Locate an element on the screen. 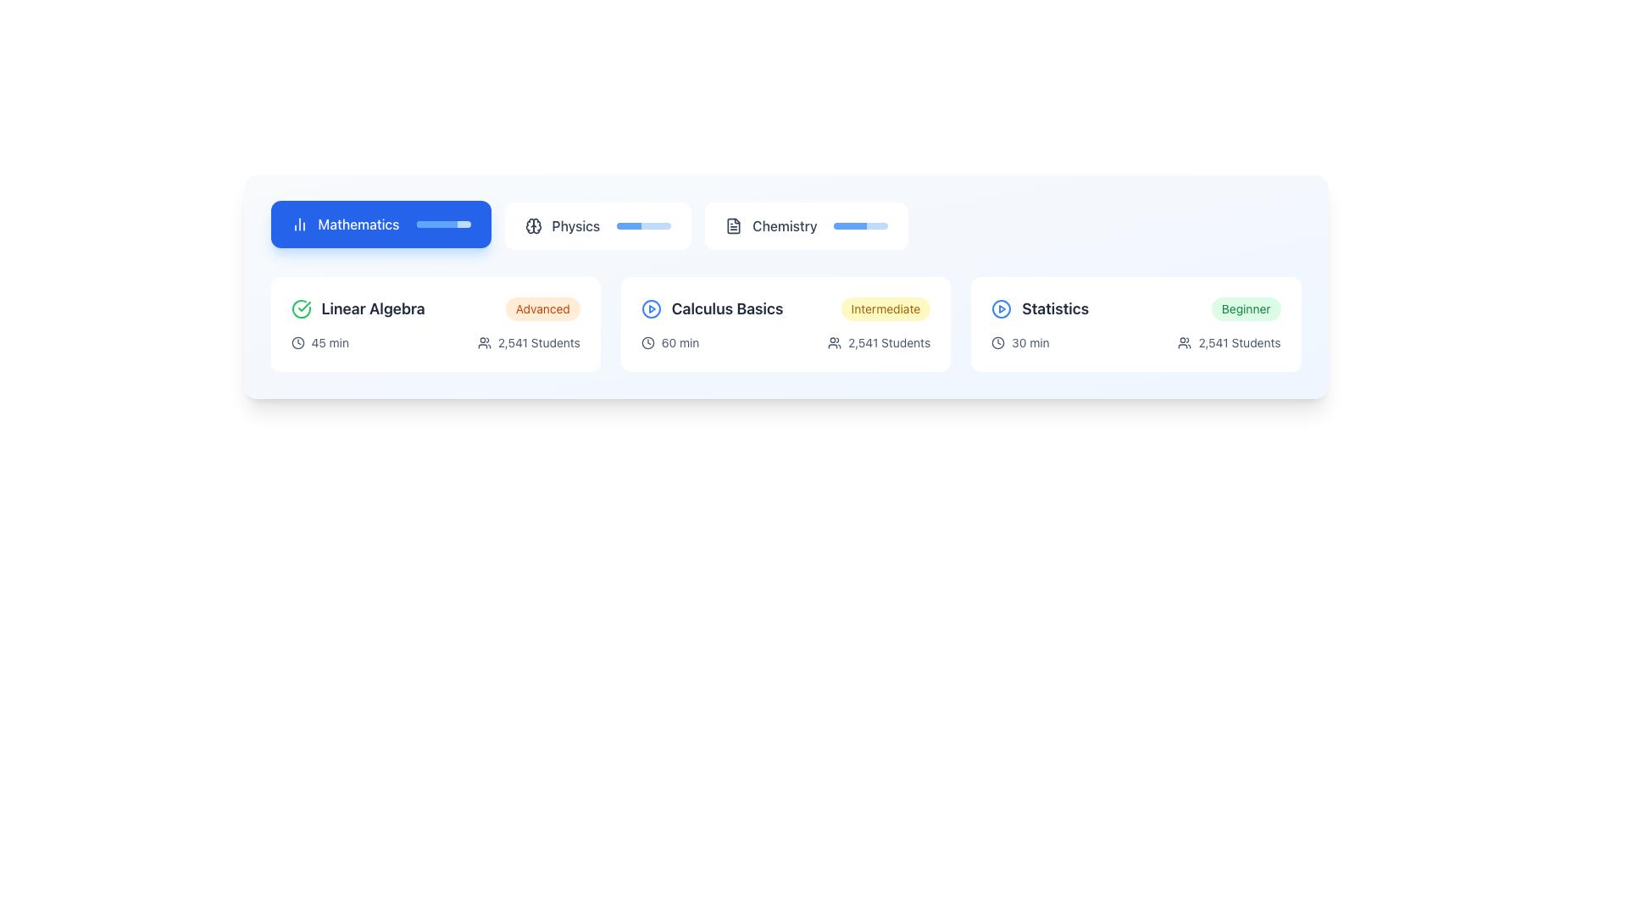 This screenshot has width=1627, height=915. the 'Statistics' course card, which is the third card in the row under the 'Mathematics' section is located at coordinates (1136, 324).